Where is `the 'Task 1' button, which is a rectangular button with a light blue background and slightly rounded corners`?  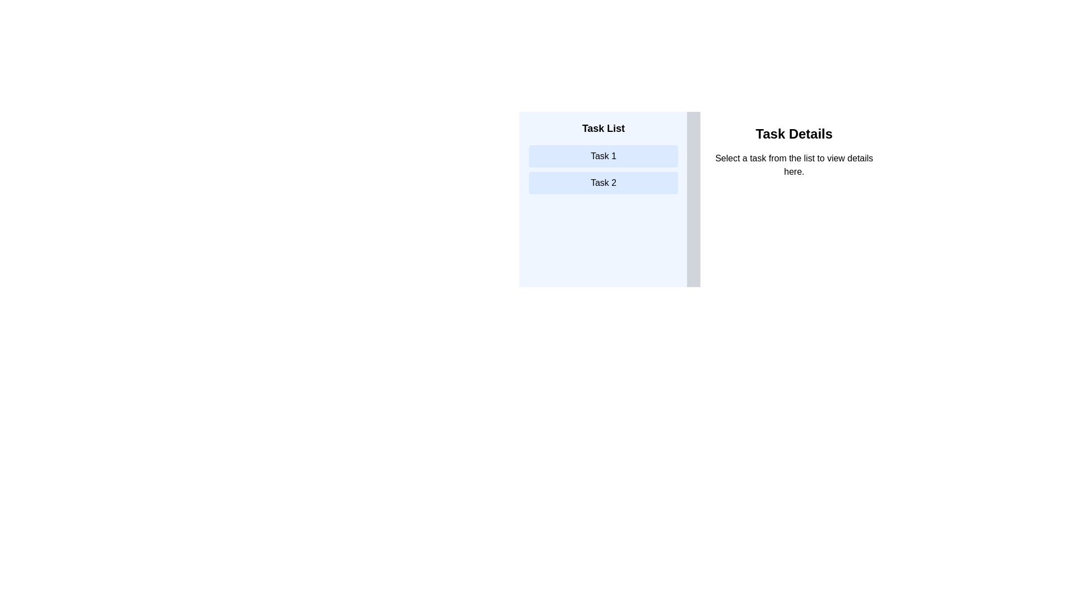 the 'Task 1' button, which is a rectangular button with a light blue background and slightly rounded corners is located at coordinates (603, 156).